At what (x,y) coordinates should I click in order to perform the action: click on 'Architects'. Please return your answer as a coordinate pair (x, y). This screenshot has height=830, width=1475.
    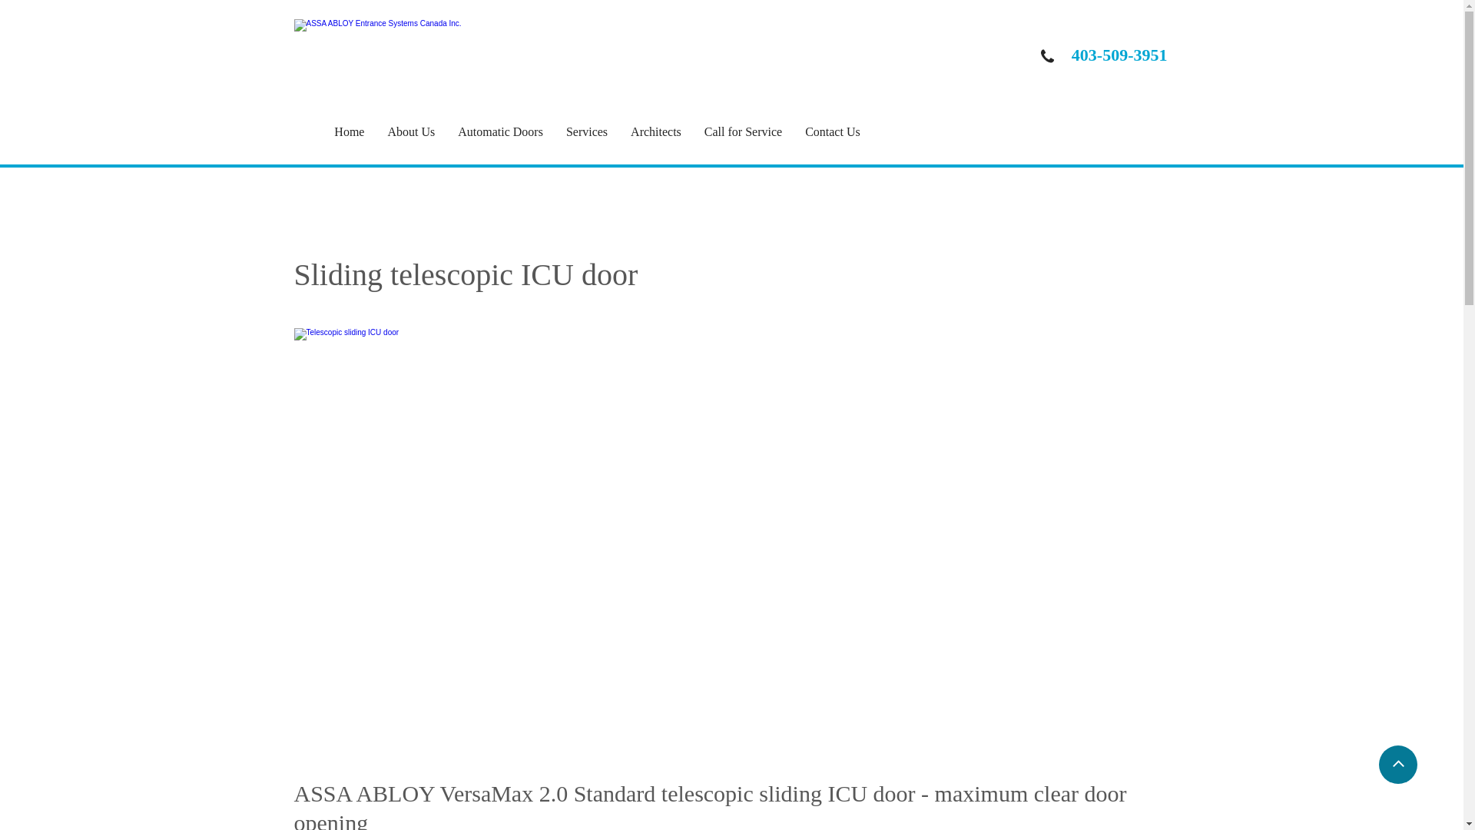
    Looking at the image, I should click on (667, 131).